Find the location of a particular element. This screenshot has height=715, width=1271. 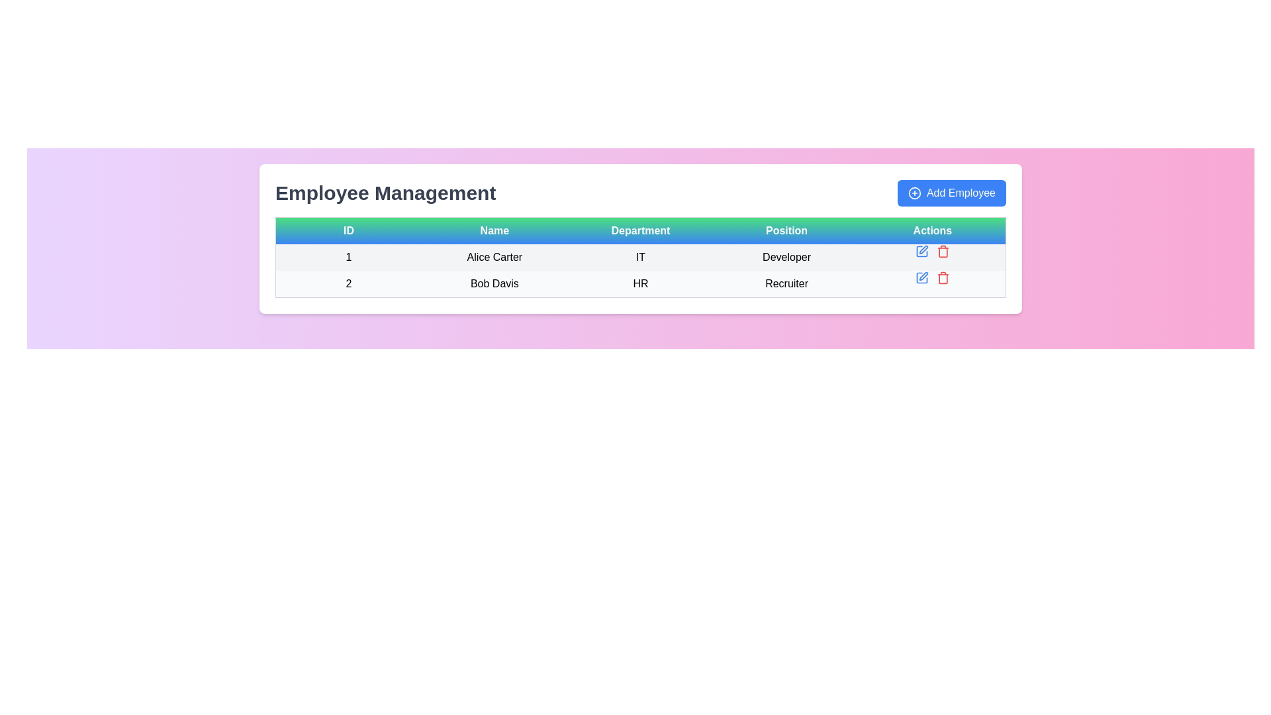

the text label indicating employee positions, which is the fourth column header in the table, following 'ID', 'Name', and 'Department' is located at coordinates (786, 230).